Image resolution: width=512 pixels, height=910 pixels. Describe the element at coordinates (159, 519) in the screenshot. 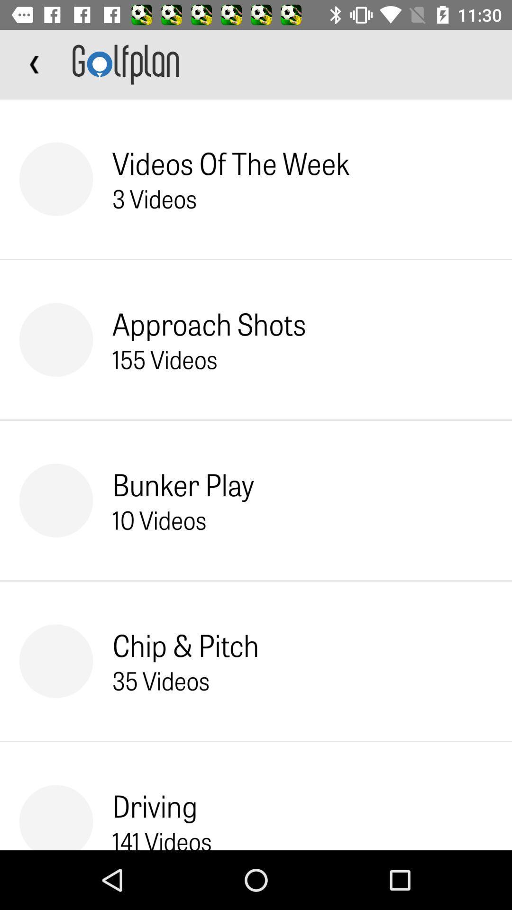

I see `the 10 videos icon` at that location.